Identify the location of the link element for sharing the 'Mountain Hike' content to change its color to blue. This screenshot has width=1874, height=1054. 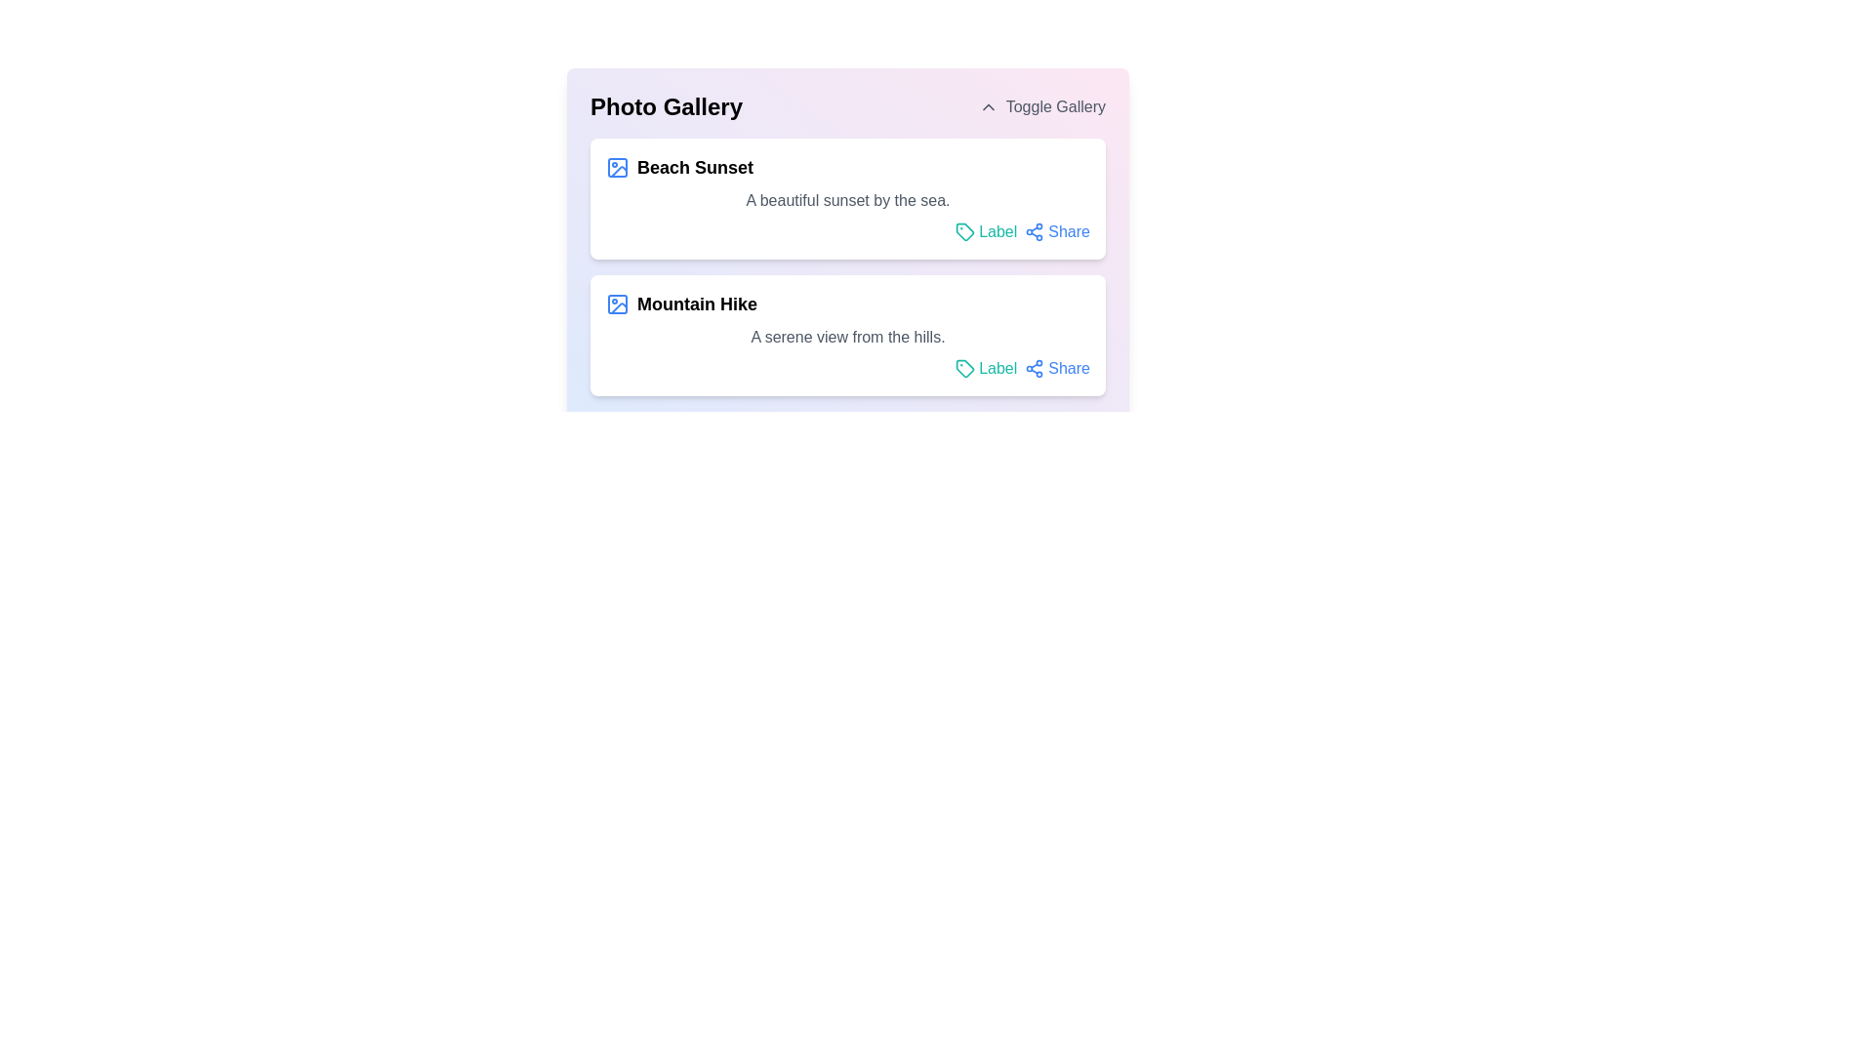
(1056, 369).